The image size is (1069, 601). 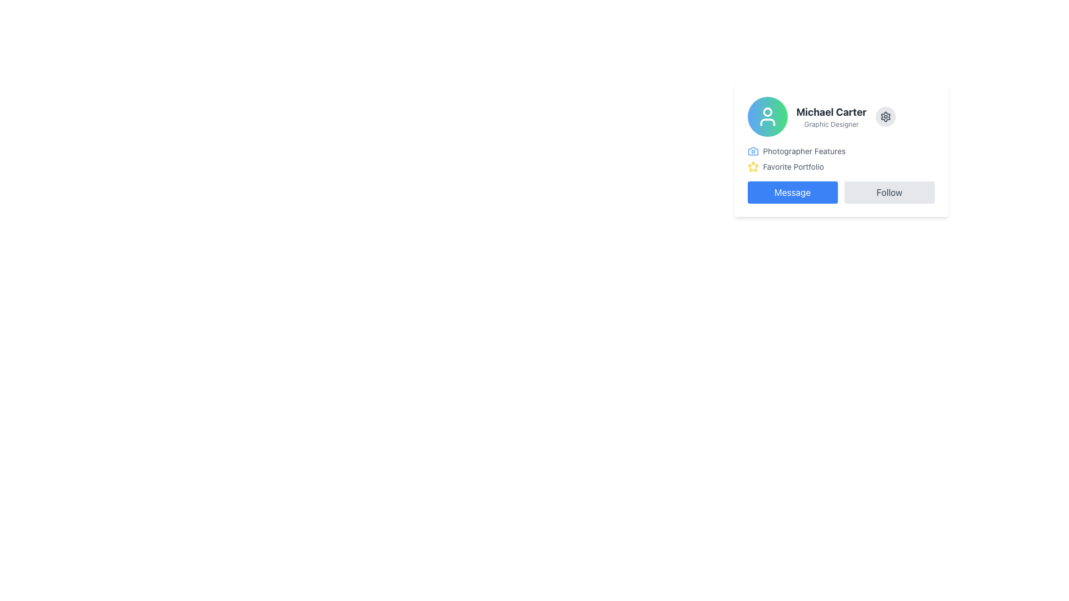 What do you see at coordinates (841, 151) in the screenshot?
I see `contents of the label with a blue camera icon that says 'Photographer Features', located within the user profile box above 'Favorite Portfolio'` at bounding box center [841, 151].